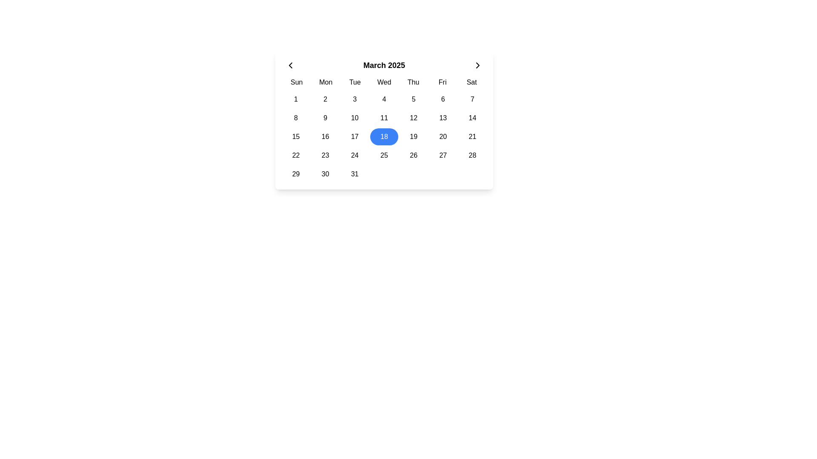  What do you see at coordinates (383, 65) in the screenshot?
I see `the textual header that displays the currently selected month and year in the calendar interface, located at the center of the horizontal layout bar at the top of the calendar view` at bounding box center [383, 65].